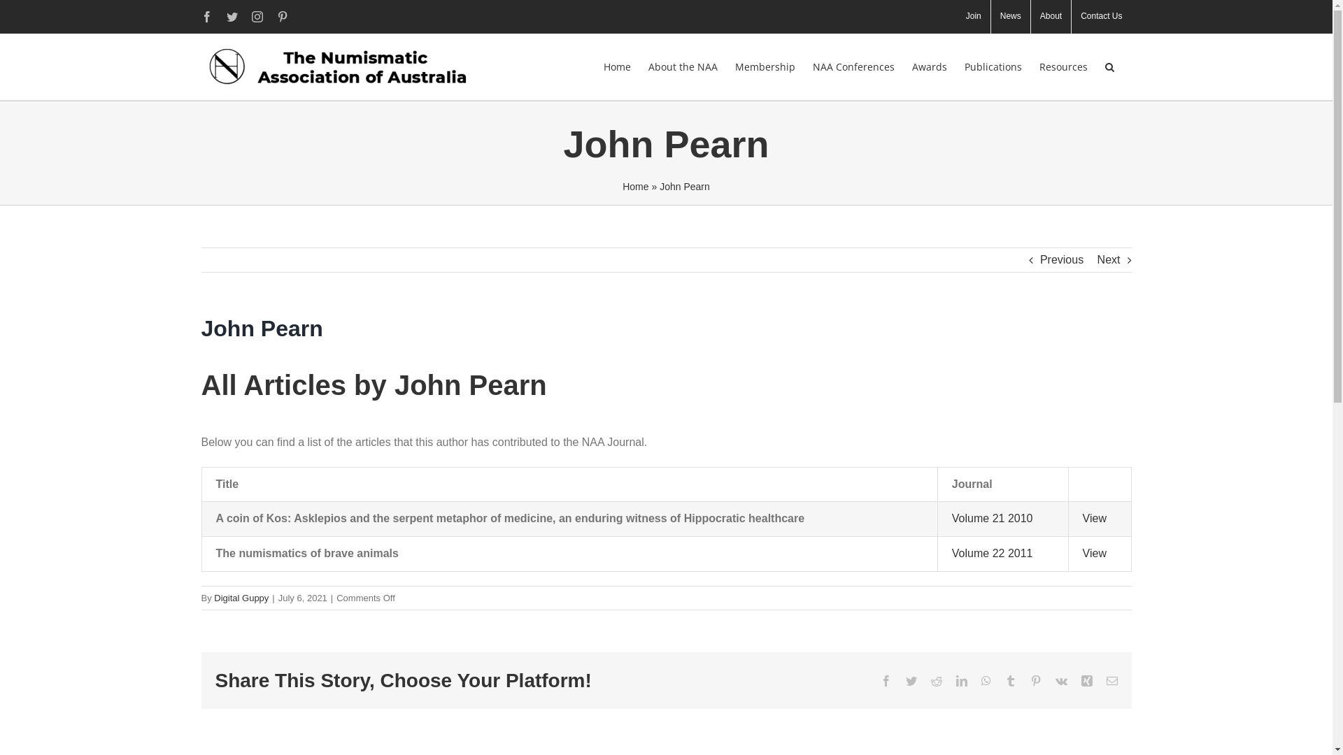 Image resolution: width=1343 pixels, height=755 pixels. What do you see at coordinates (1104, 67) in the screenshot?
I see `'Search'` at bounding box center [1104, 67].